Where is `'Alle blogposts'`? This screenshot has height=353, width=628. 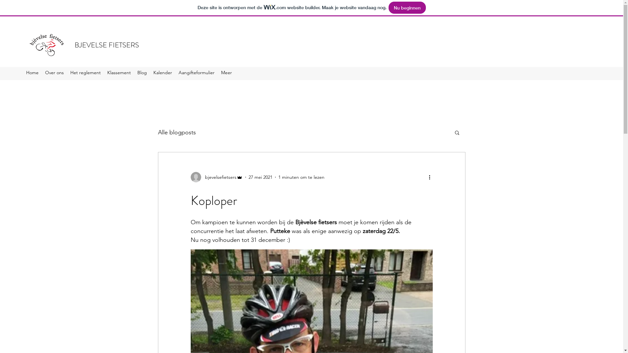 'Alle blogposts' is located at coordinates (176, 132).